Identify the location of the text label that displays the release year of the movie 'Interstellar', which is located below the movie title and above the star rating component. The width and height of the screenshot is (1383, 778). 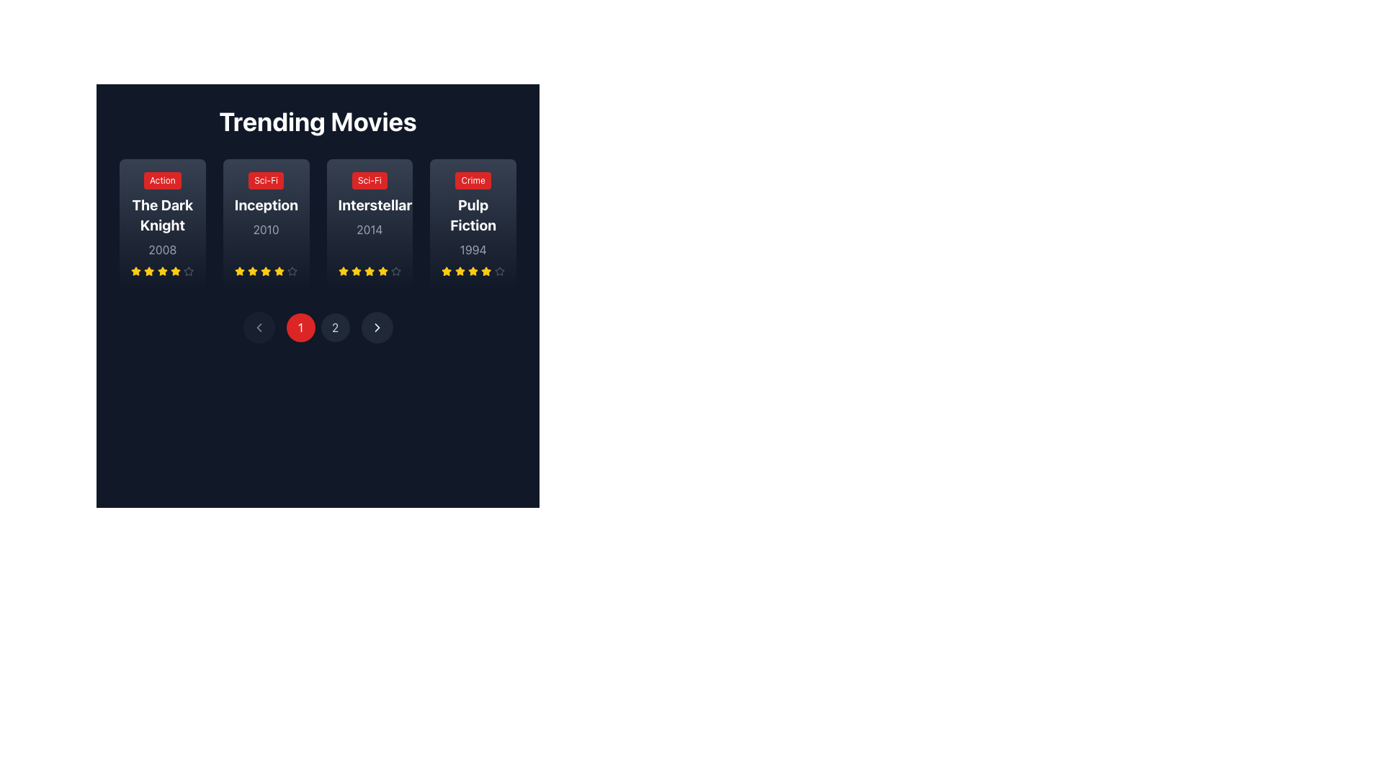
(370, 229).